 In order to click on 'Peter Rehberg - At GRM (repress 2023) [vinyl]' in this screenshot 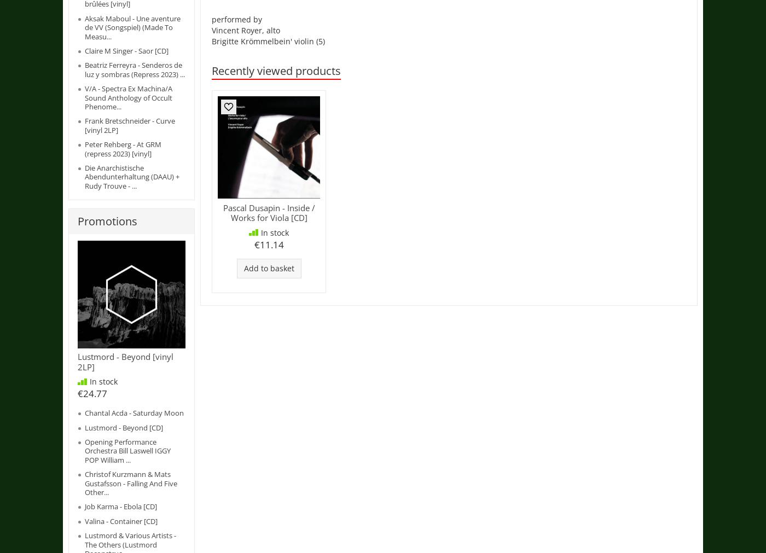, I will do `click(123, 148)`.